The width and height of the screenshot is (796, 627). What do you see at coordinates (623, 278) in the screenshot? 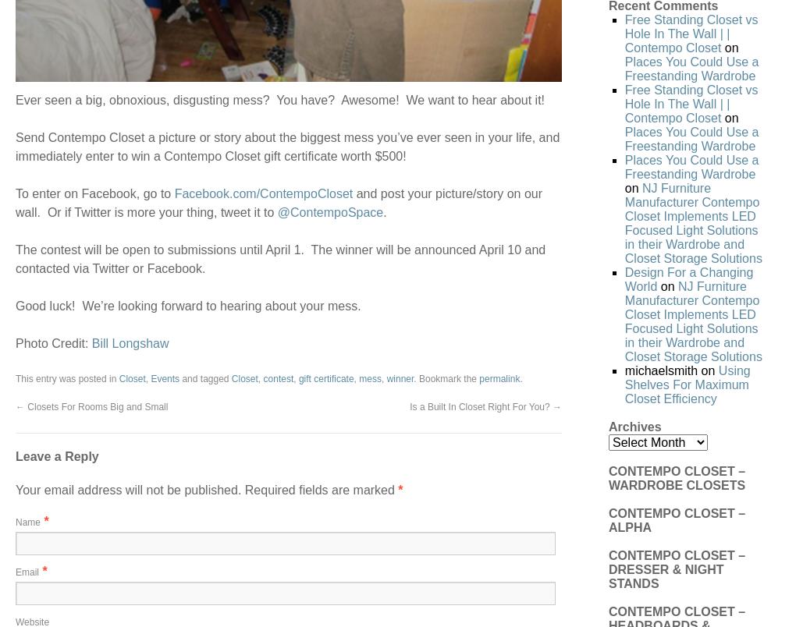
I see `'Design For a Changing World'` at bounding box center [623, 278].